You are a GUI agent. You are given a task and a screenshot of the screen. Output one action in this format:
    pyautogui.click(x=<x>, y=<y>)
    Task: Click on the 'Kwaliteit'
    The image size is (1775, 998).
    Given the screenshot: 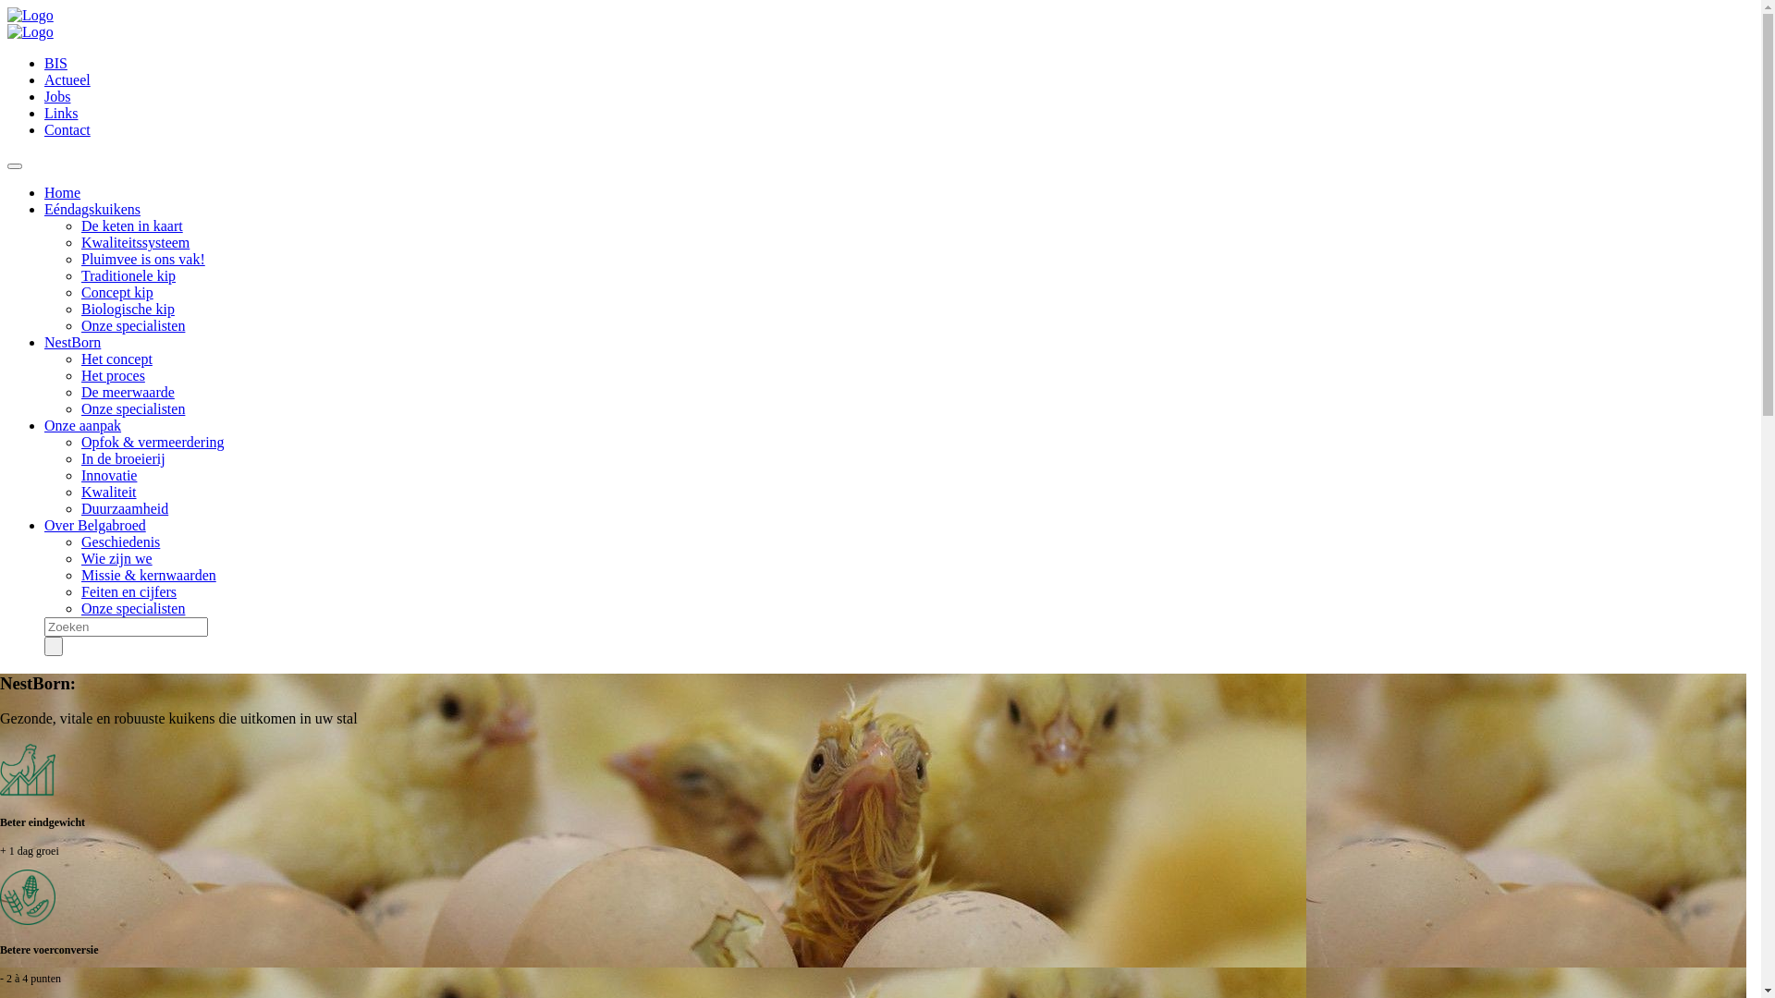 What is the action you would take?
    pyautogui.click(x=108, y=491)
    